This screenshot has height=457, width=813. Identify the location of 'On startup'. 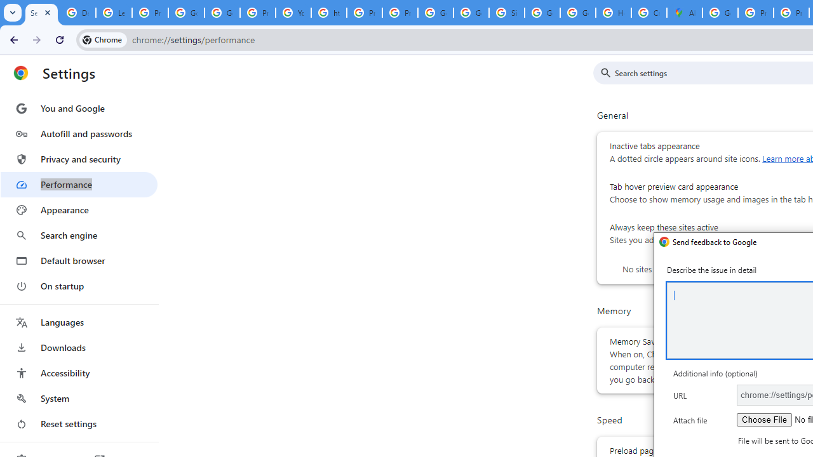
(78, 286).